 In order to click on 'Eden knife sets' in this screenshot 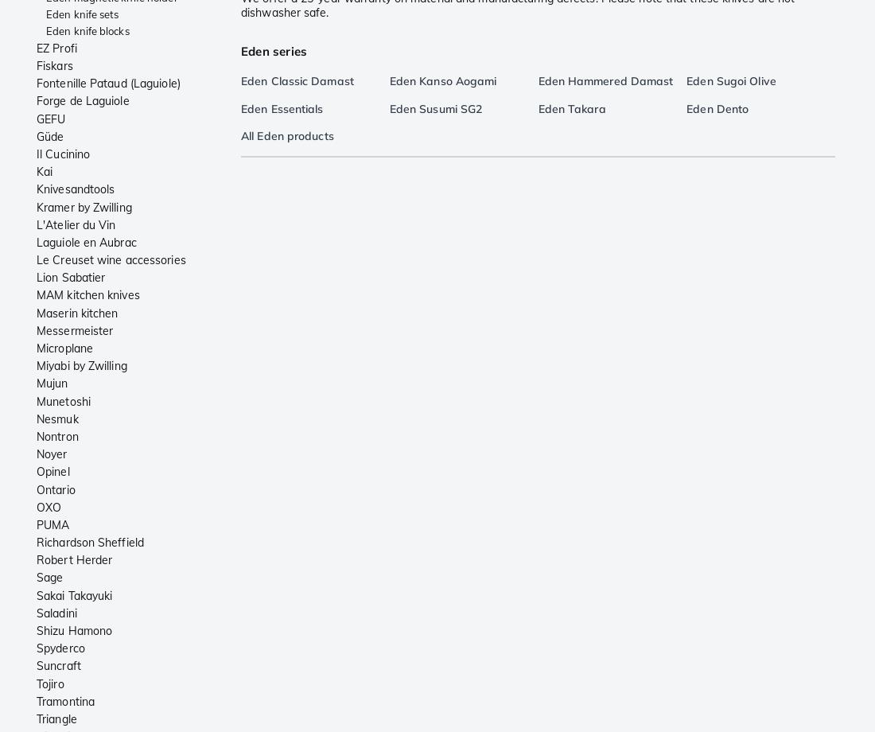, I will do `click(82, 14)`.